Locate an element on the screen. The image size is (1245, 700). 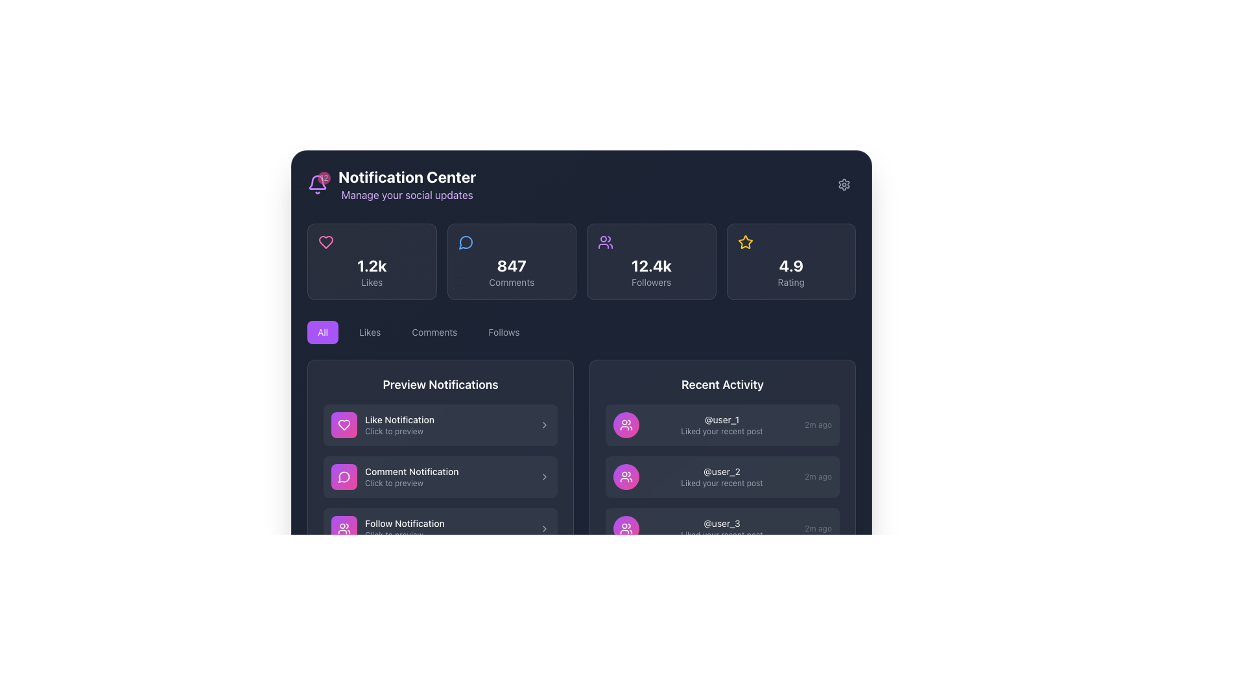
the static text label that provides additional context for the 'Notification Center', located beneath the main title is located at coordinates (407, 194).